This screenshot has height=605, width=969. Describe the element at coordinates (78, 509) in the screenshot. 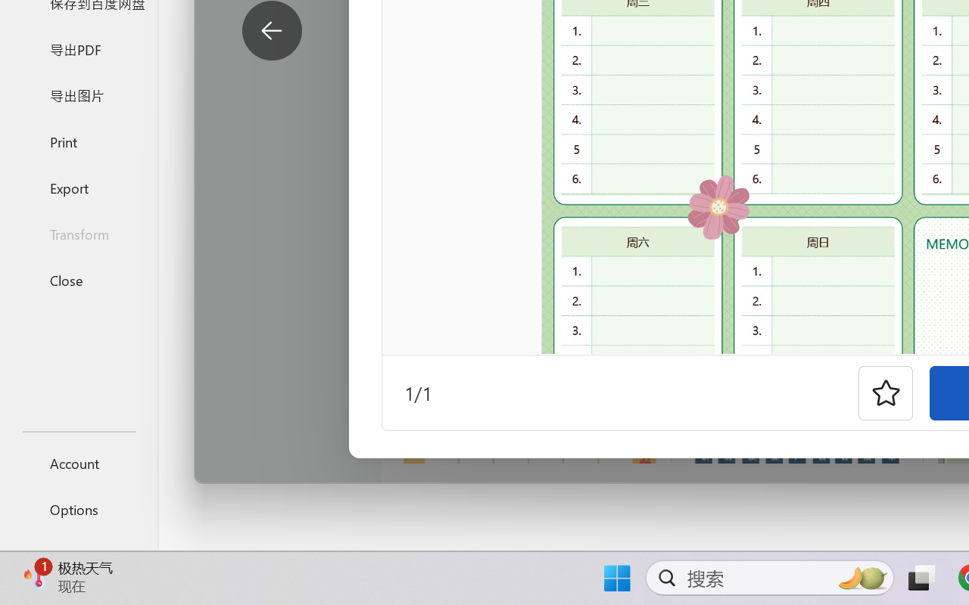

I see `'Options'` at that location.